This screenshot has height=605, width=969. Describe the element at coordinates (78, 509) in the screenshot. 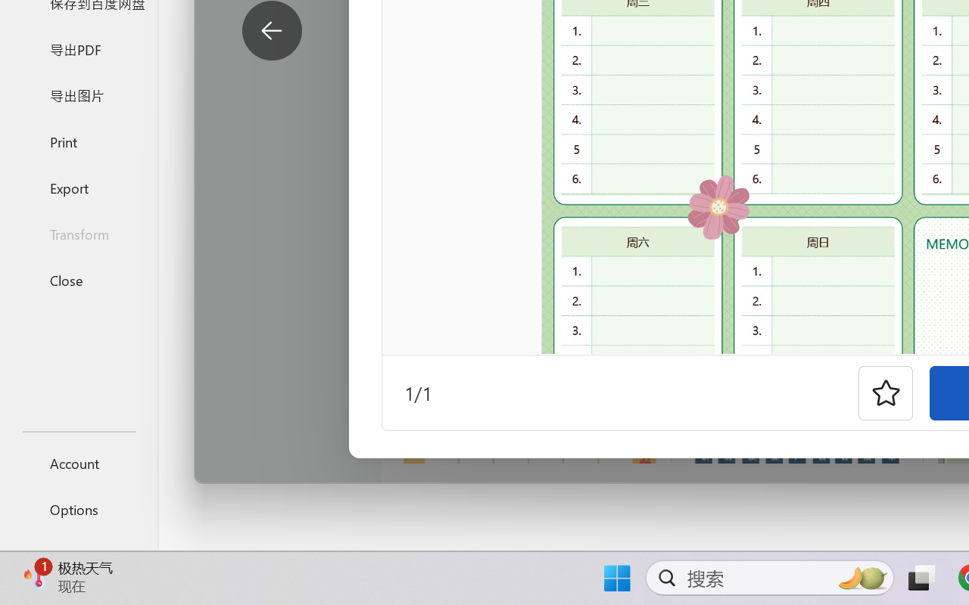

I see `'Options'` at that location.